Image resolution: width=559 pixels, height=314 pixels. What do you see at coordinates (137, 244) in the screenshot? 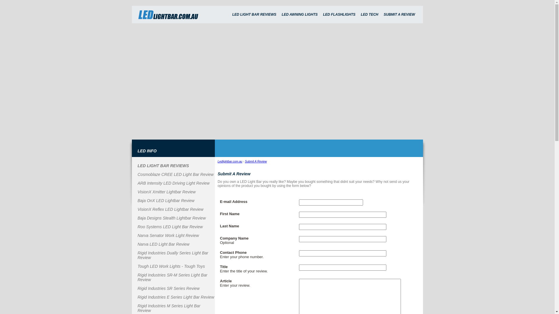
I see `'Narva LED Light Bar Review'` at bounding box center [137, 244].